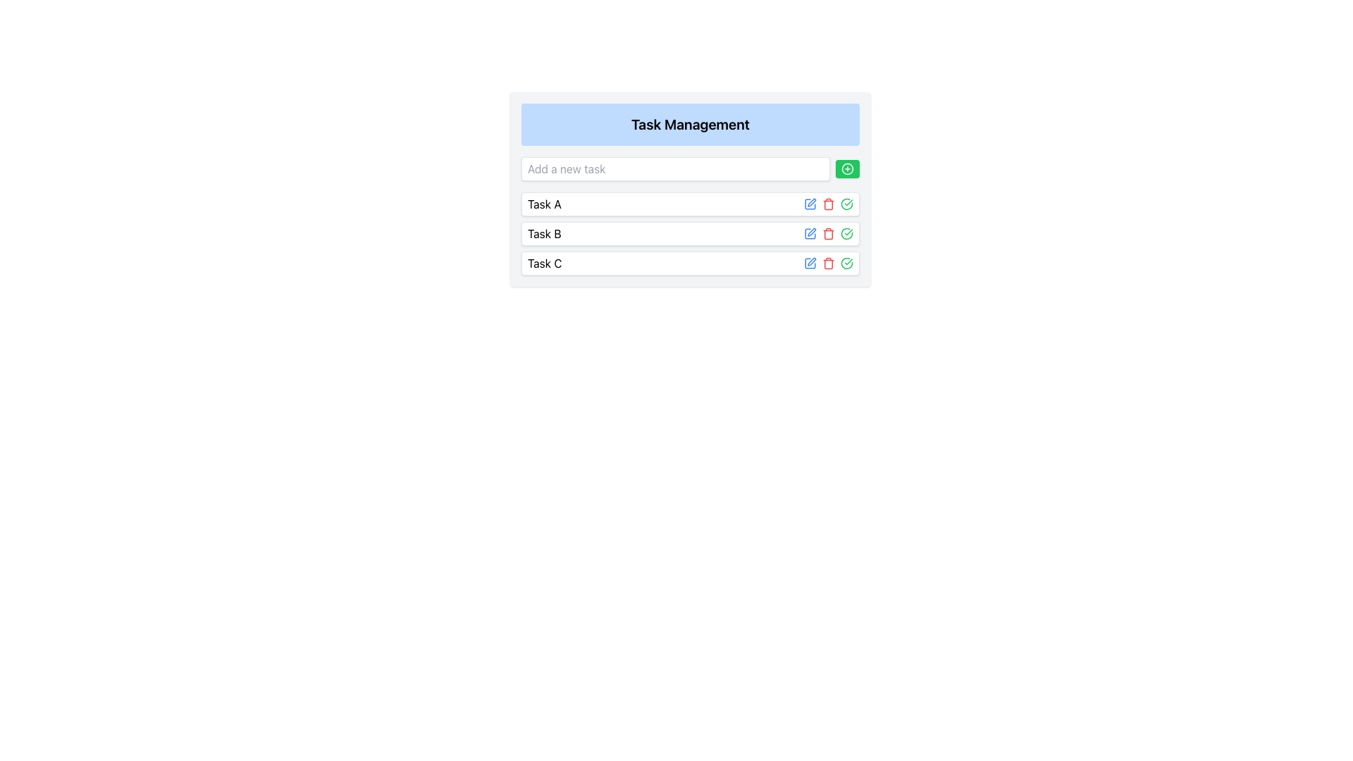  Describe the element at coordinates (847, 168) in the screenshot. I see `the circular icon button with a plus sign, surrounded by a green background, located to the far right of the 'Add a new task' input box` at that location.